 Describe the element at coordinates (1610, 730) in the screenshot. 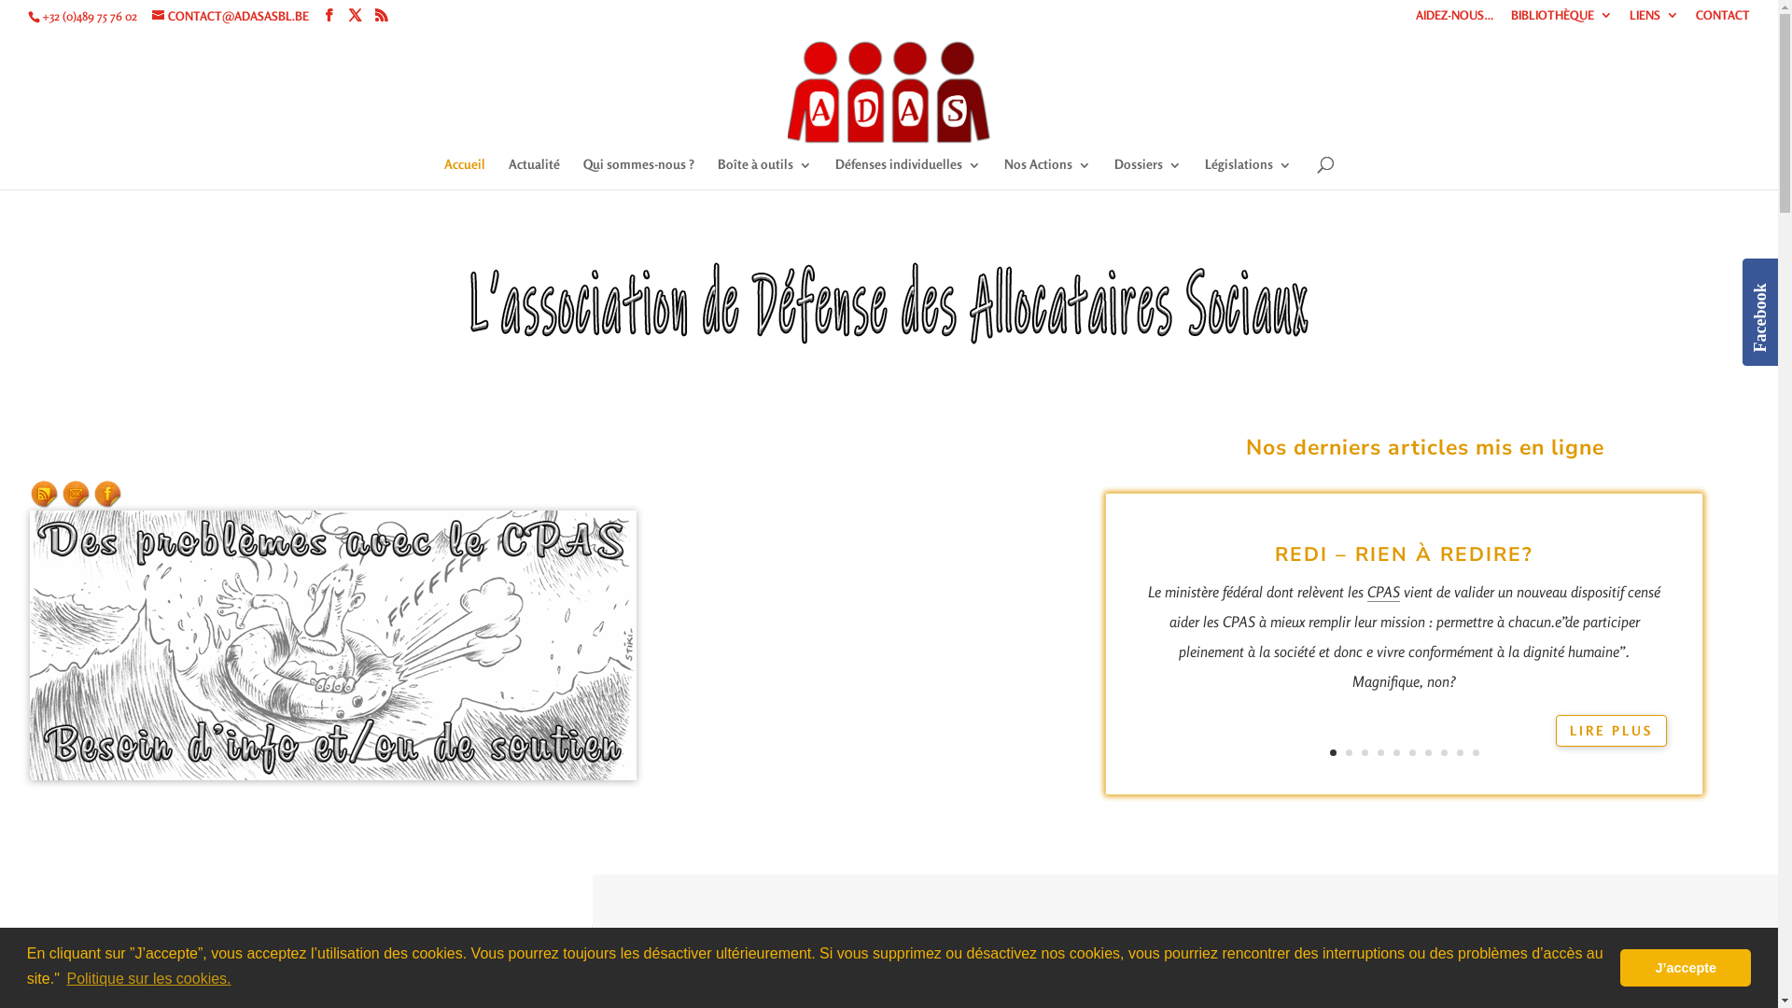

I see `'LIRE PLUS'` at that location.